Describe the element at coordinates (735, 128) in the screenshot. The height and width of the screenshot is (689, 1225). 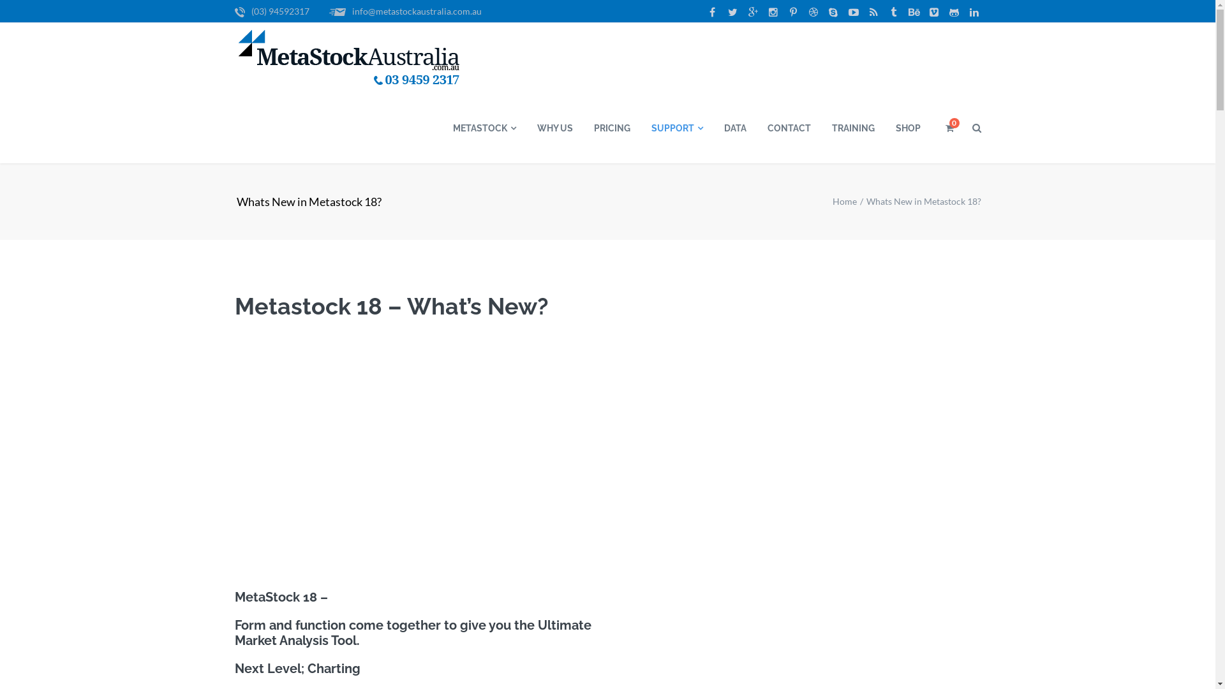
I see `'DATA'` at that location.